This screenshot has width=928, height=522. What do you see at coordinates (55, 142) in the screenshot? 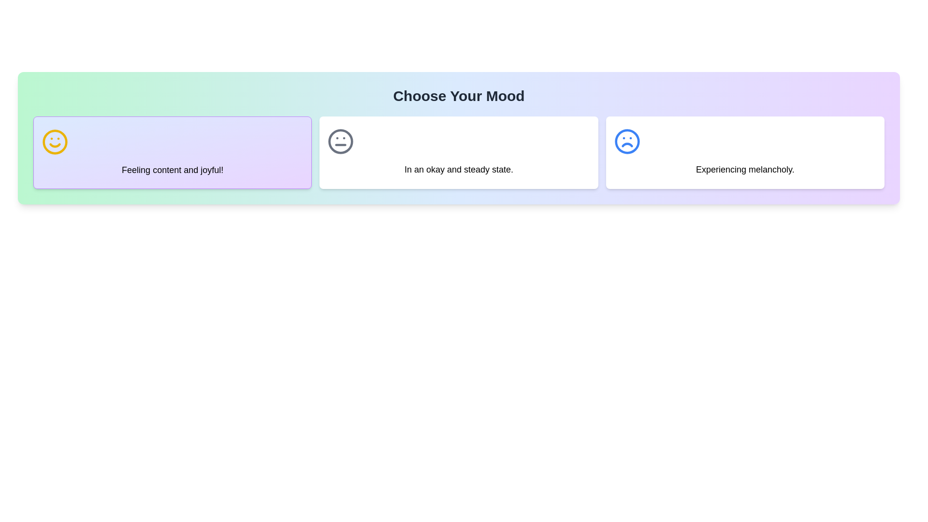
I see `the smiley face icon in the circular outline` at bounding box center [55, 142].